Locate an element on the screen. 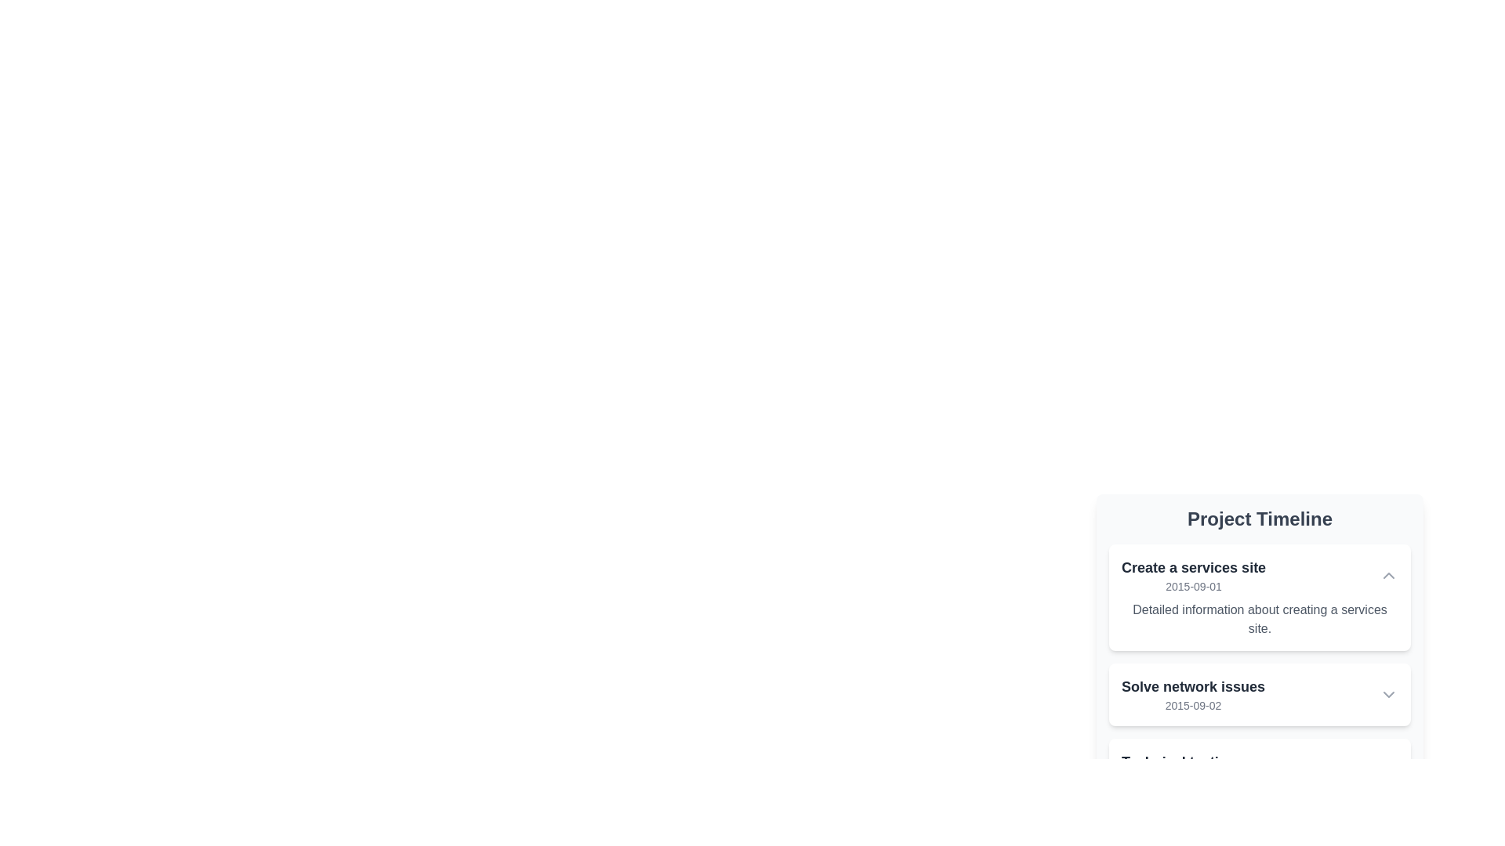 The width and height of the screenshot is (1505, 846). text displaying the date '2015-09-01' located within the card labeled 'Create a services site', positioned beneath the title text is located at coordinates (1193, 586).